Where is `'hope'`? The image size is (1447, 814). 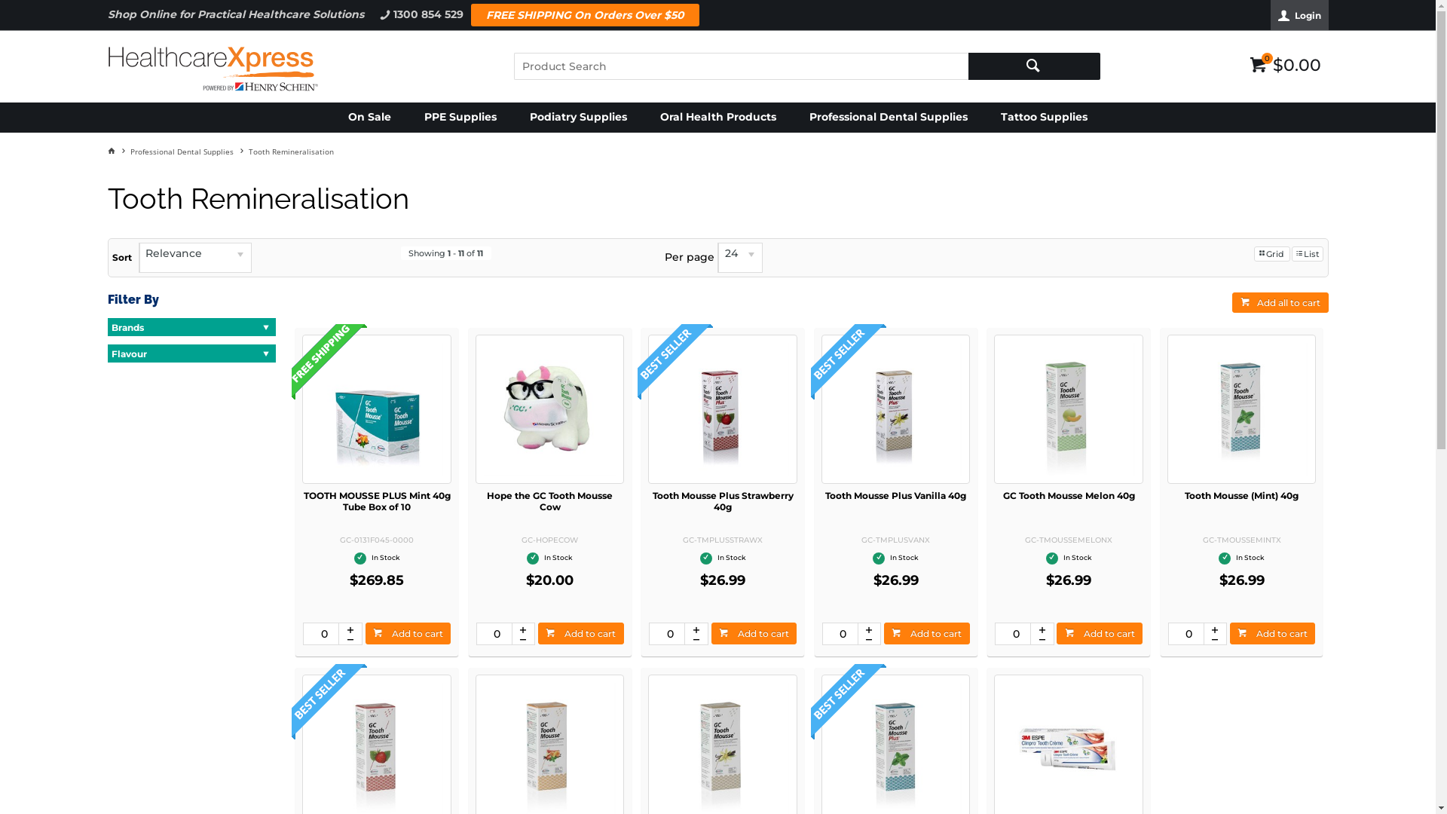
'hope' is located at coordinates (549, 409).